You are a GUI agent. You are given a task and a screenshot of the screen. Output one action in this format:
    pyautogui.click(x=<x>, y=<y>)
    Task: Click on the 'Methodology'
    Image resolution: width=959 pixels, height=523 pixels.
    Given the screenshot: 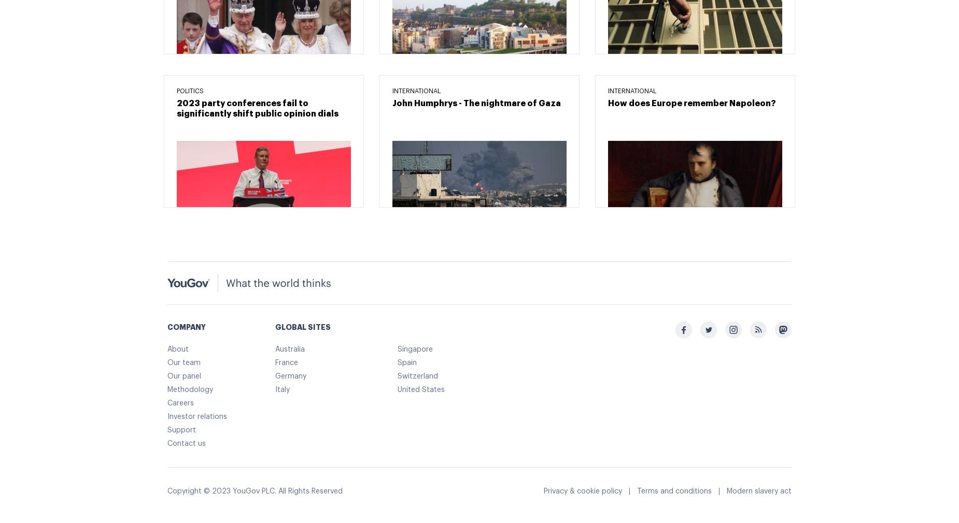 What is the action you would take?
    pyautogui.click(x=190, y=389)
    